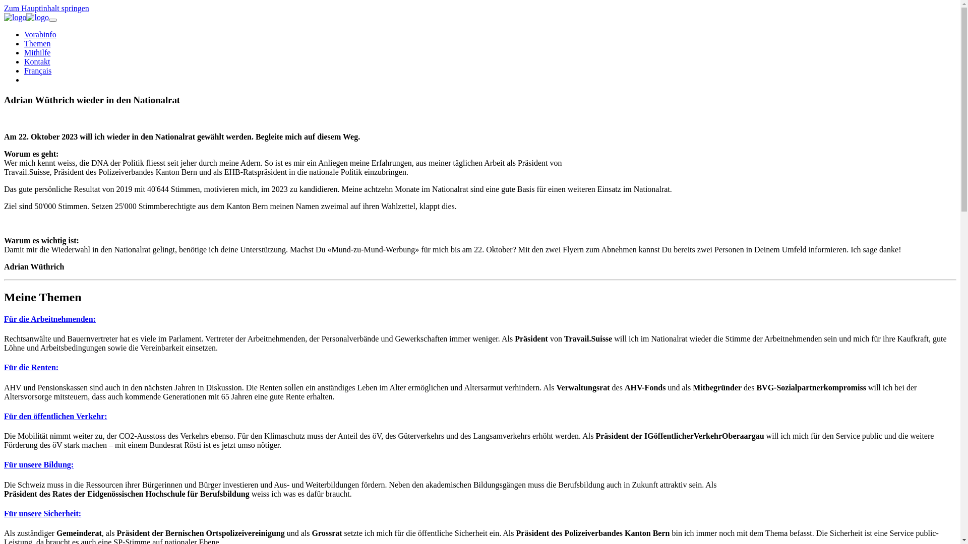  I want to click on 'Vorabinfo', so click(40, 34).